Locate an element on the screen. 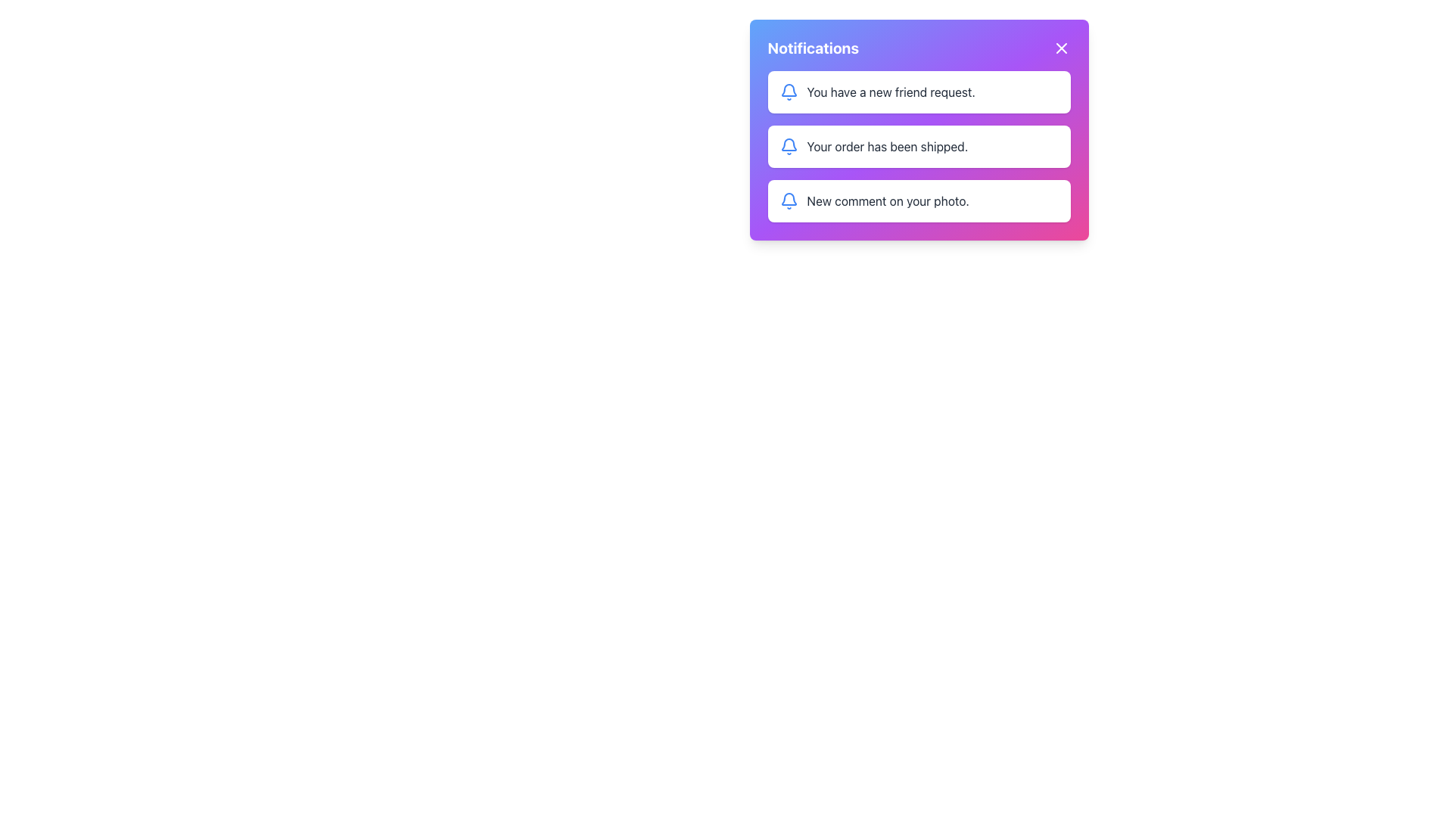  the close button located in the top-right corner of the notification panel is located at coordinates (1060, 48).